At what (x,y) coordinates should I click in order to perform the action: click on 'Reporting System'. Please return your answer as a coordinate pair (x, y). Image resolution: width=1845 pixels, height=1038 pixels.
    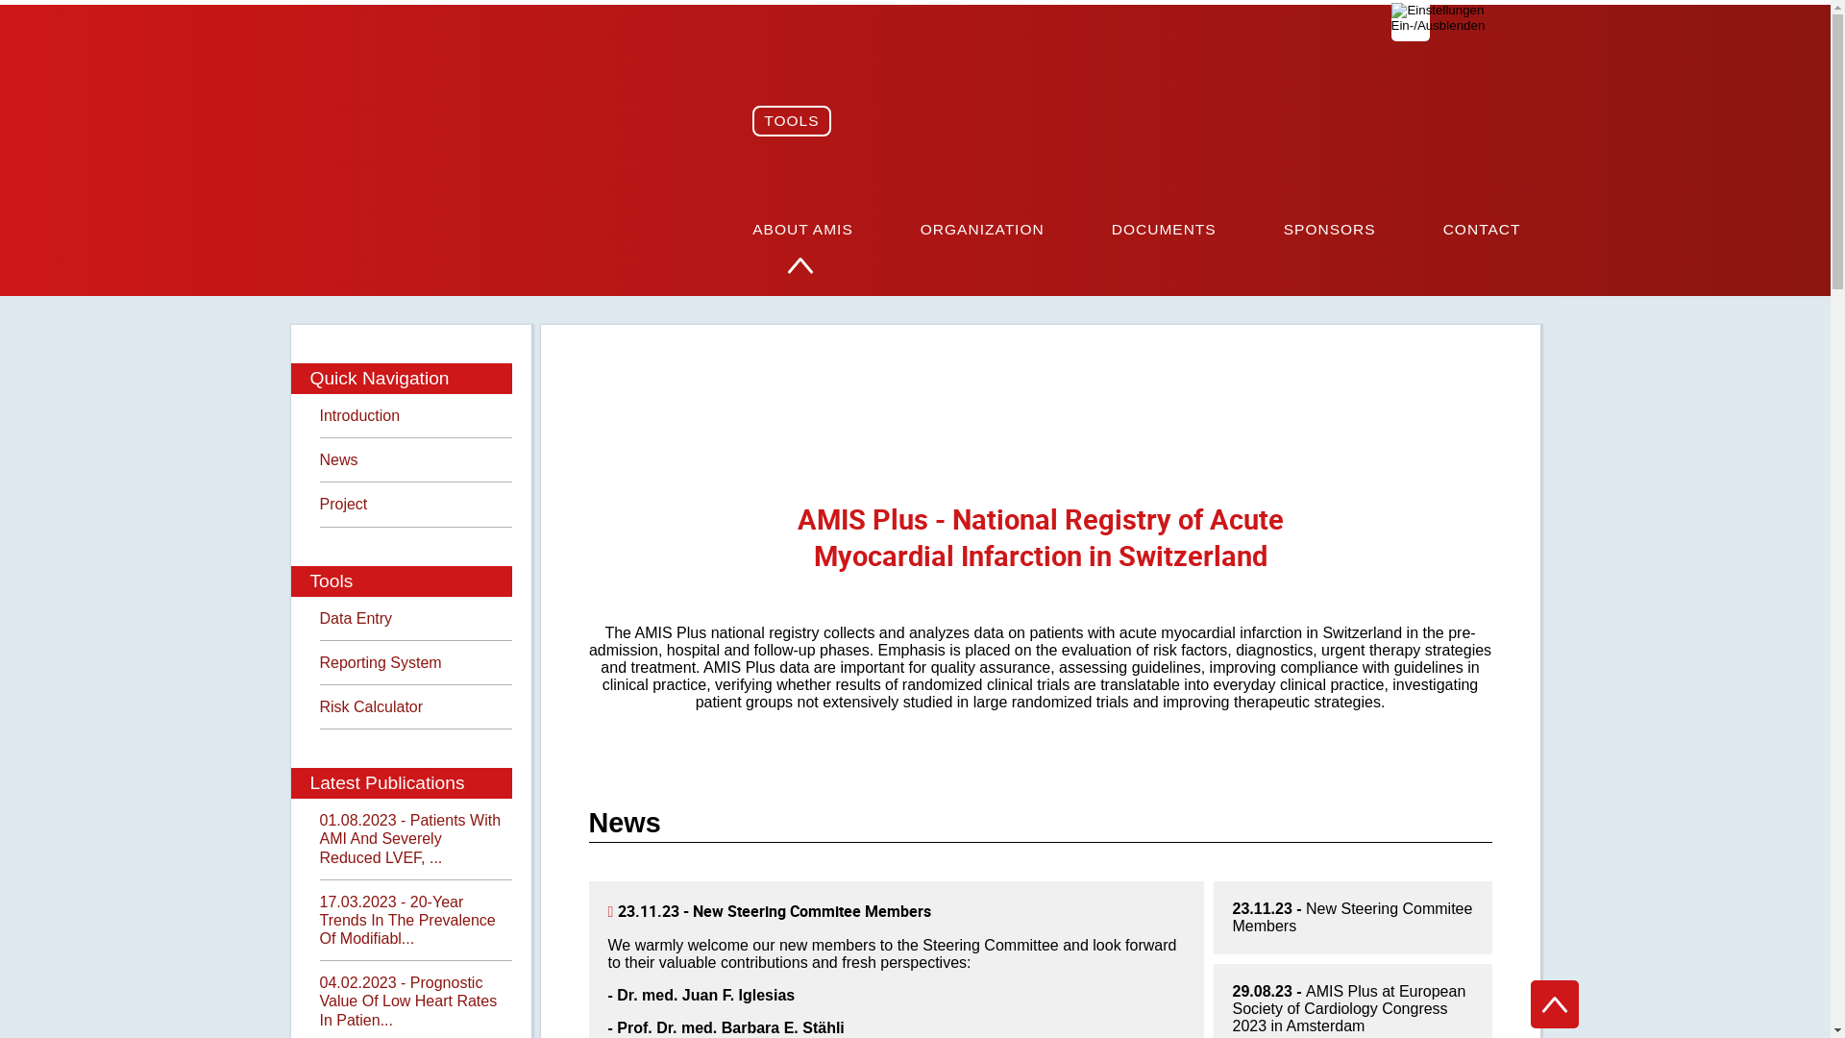
    Looking at the image, I should click on (414, 661).